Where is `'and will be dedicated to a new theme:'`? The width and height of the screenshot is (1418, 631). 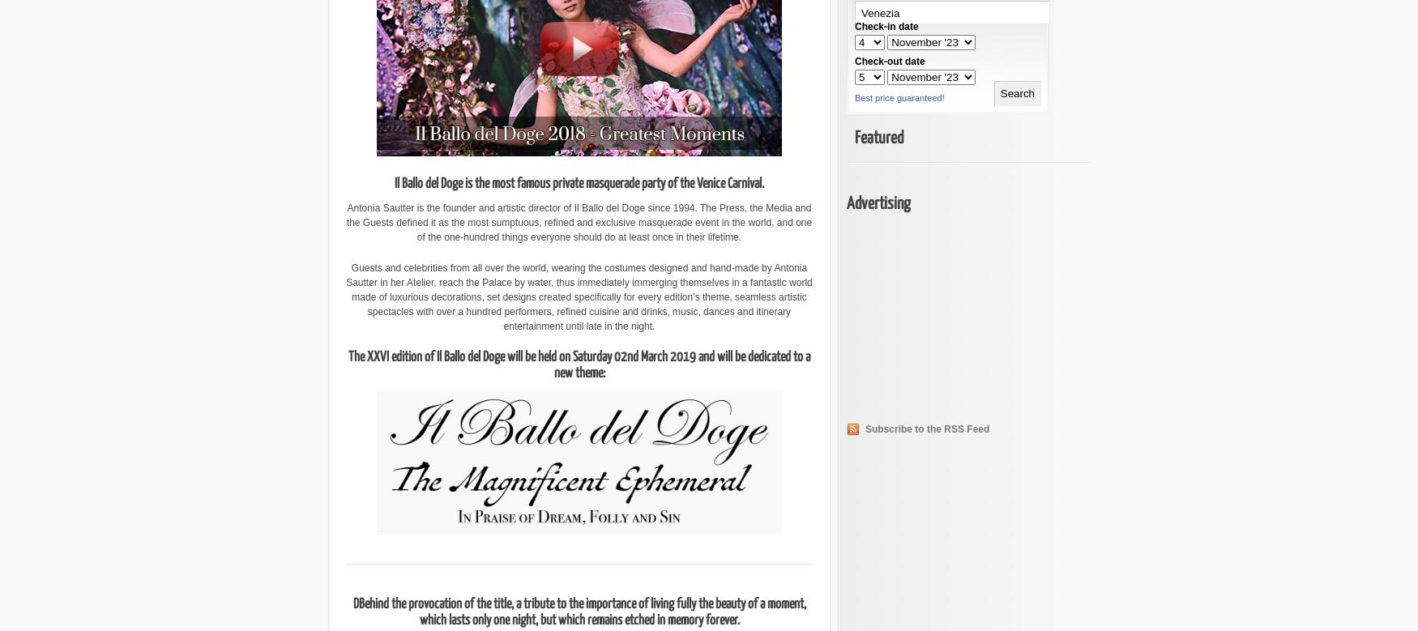
'and will be dedicated to a new theme:' is located at coordinates (681, 365).